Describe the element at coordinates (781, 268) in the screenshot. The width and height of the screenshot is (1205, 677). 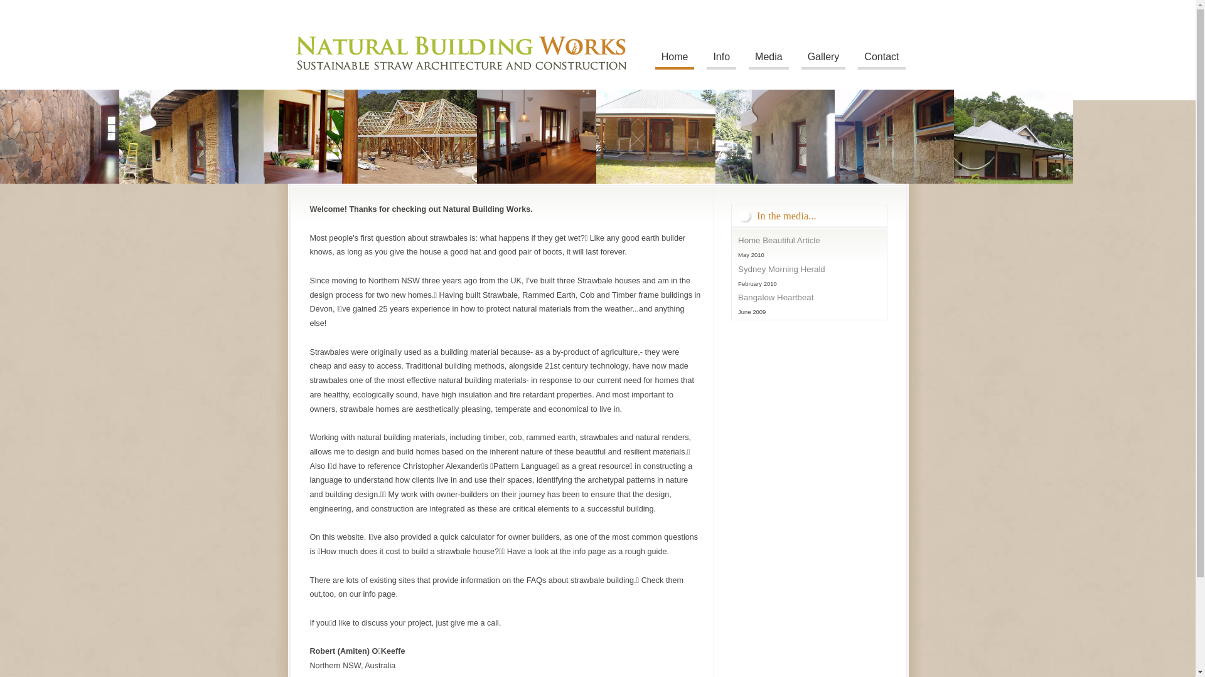
I see `'Sydney Morning Herald'` at that location.